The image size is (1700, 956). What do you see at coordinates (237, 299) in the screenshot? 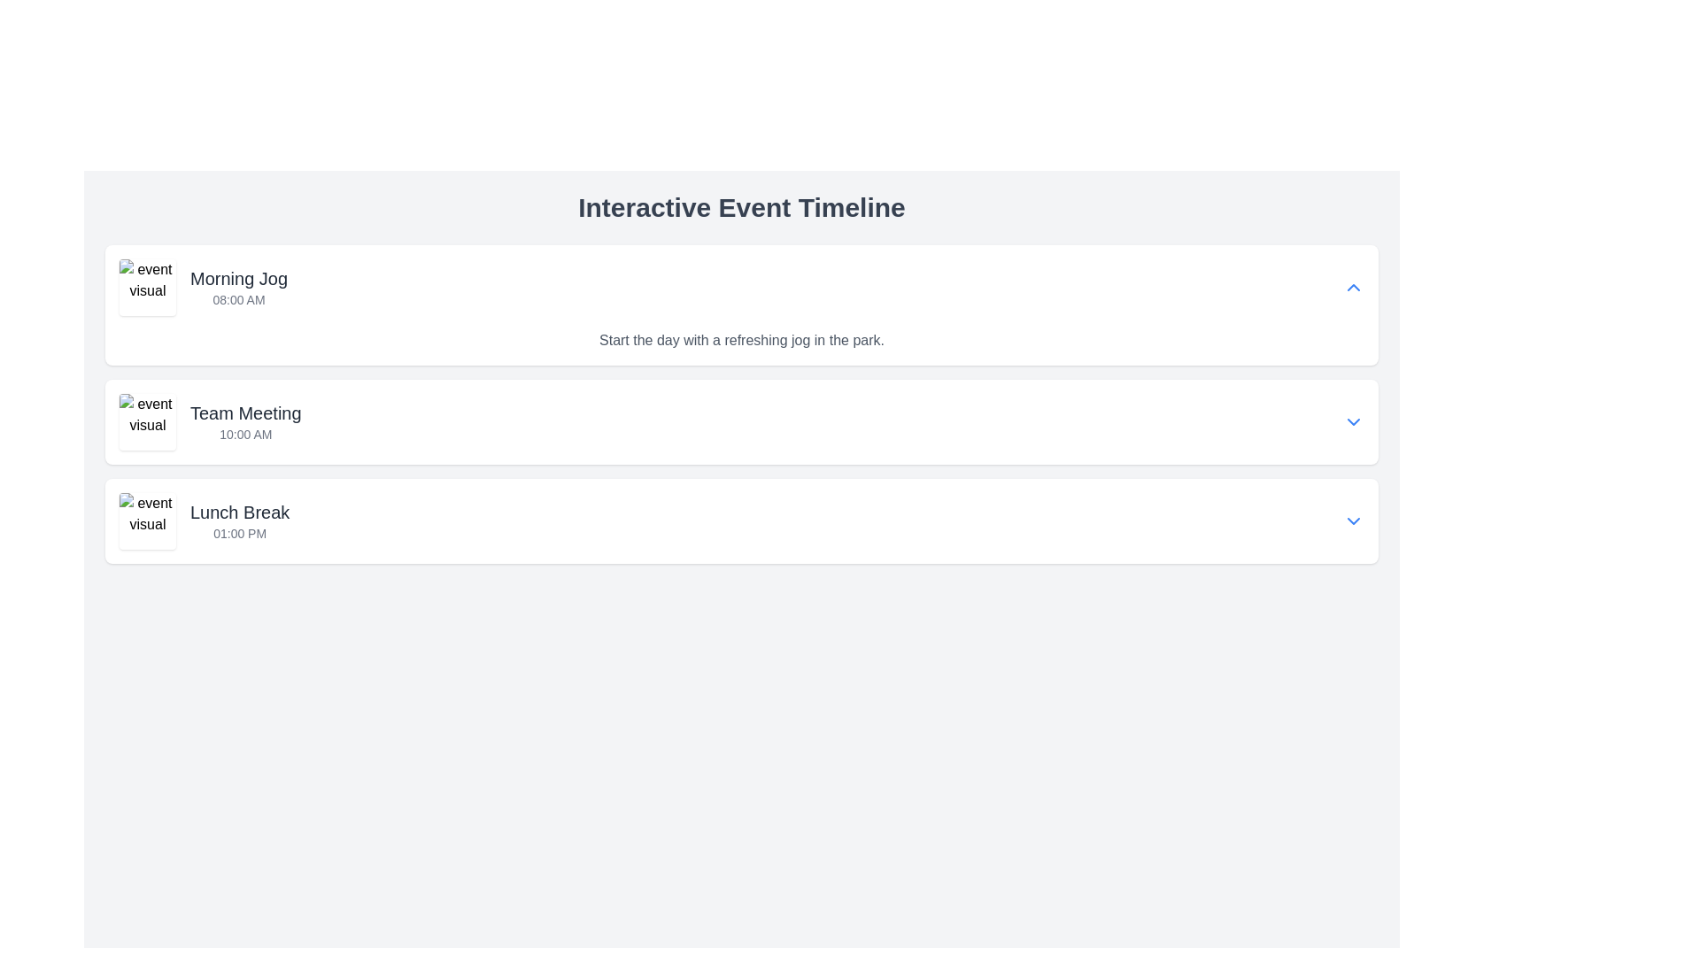
I see `the text label displaying '08:00 AM' in light gray color, which is located beneath the title 'Morning Jog' in the first event card` at bounding box center [237, 299].